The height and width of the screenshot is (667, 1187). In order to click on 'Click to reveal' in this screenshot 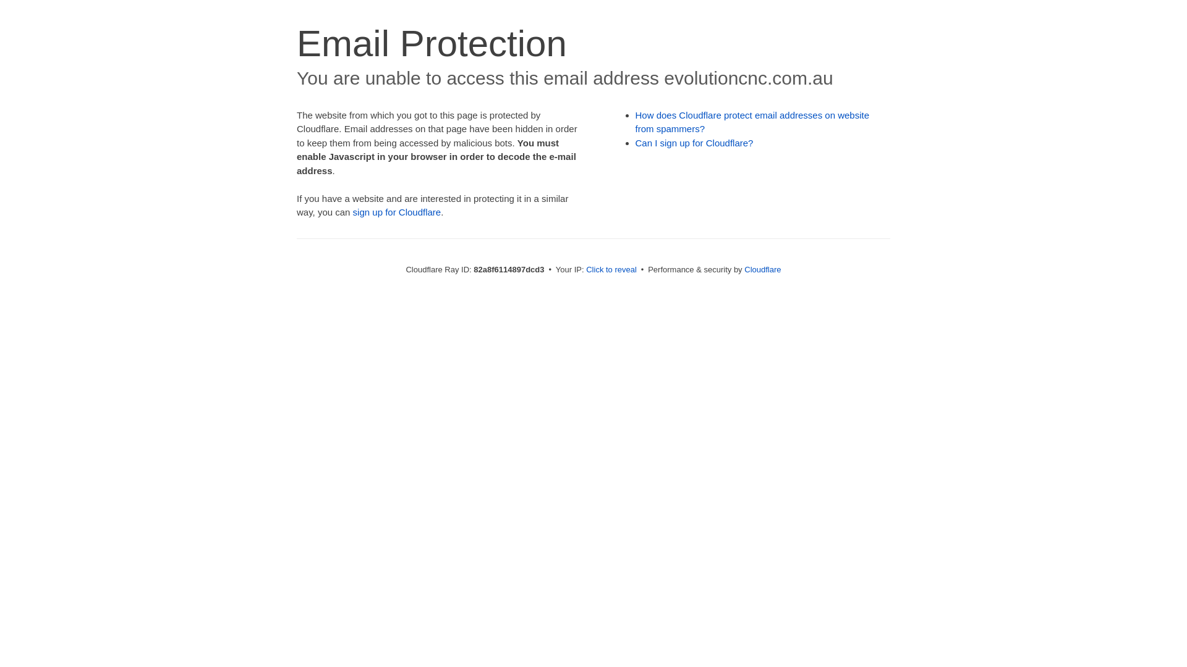, I will do `click(611, 269)`.